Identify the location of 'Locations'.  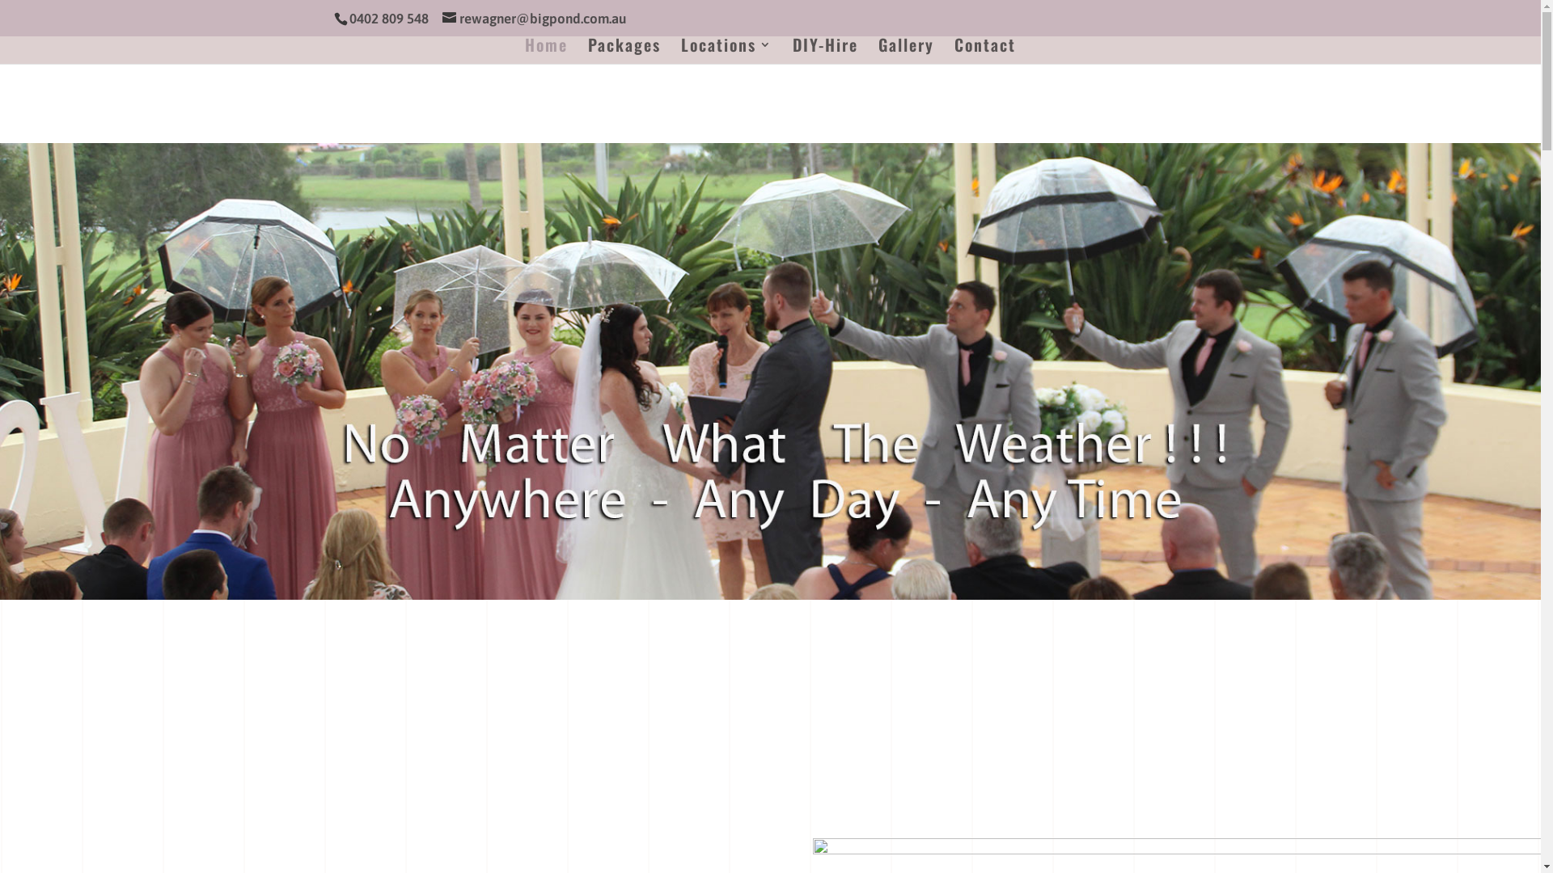
(726, 50).